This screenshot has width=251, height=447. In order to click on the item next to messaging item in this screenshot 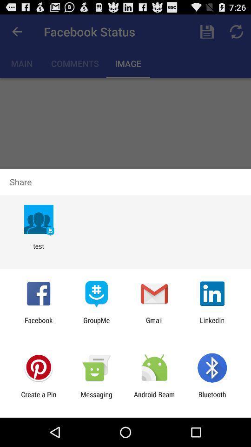, I will do `click(38, 398)`.